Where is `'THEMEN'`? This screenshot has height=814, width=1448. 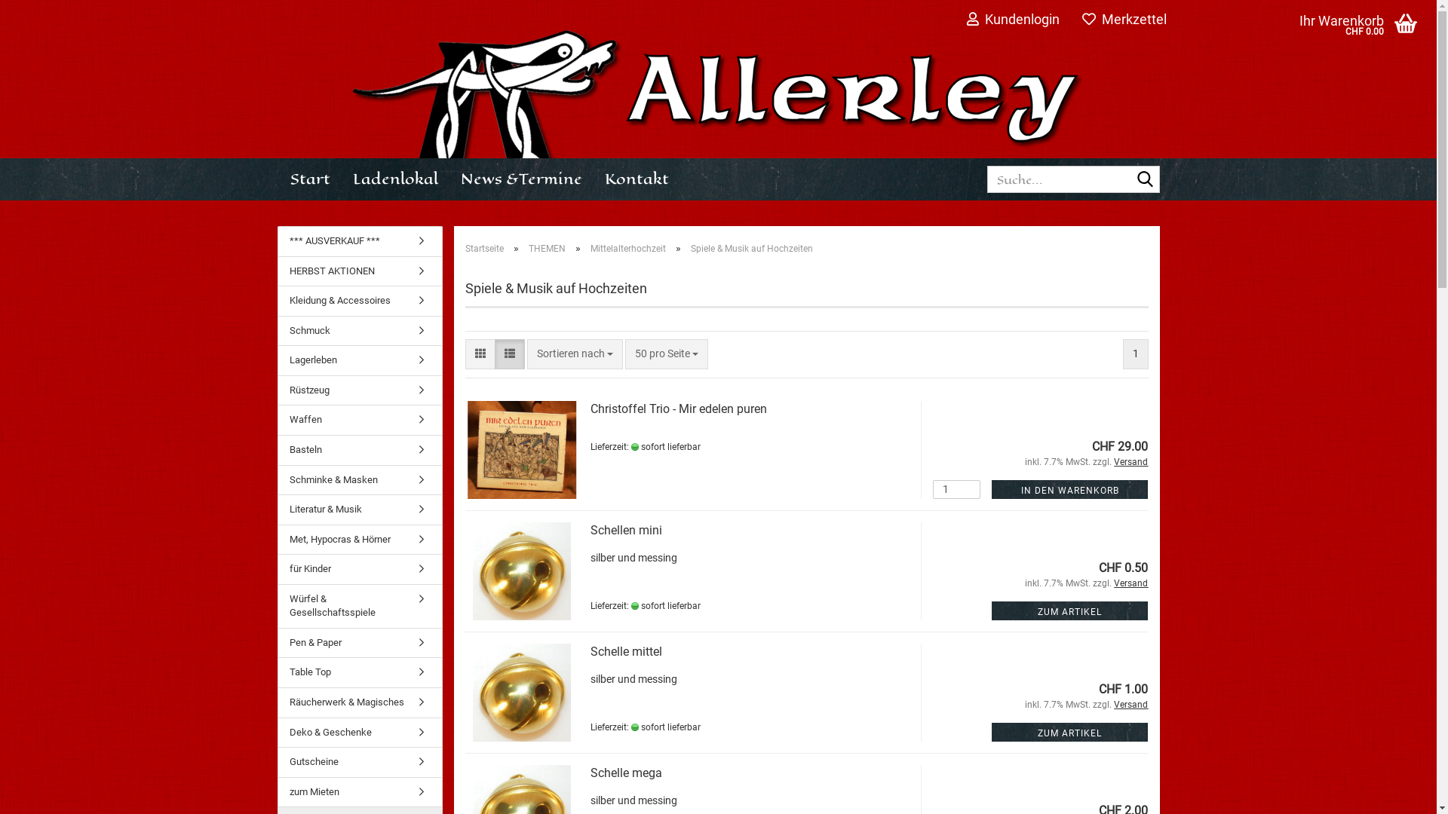
'THEMEN' is located at coordinates (545, 248).